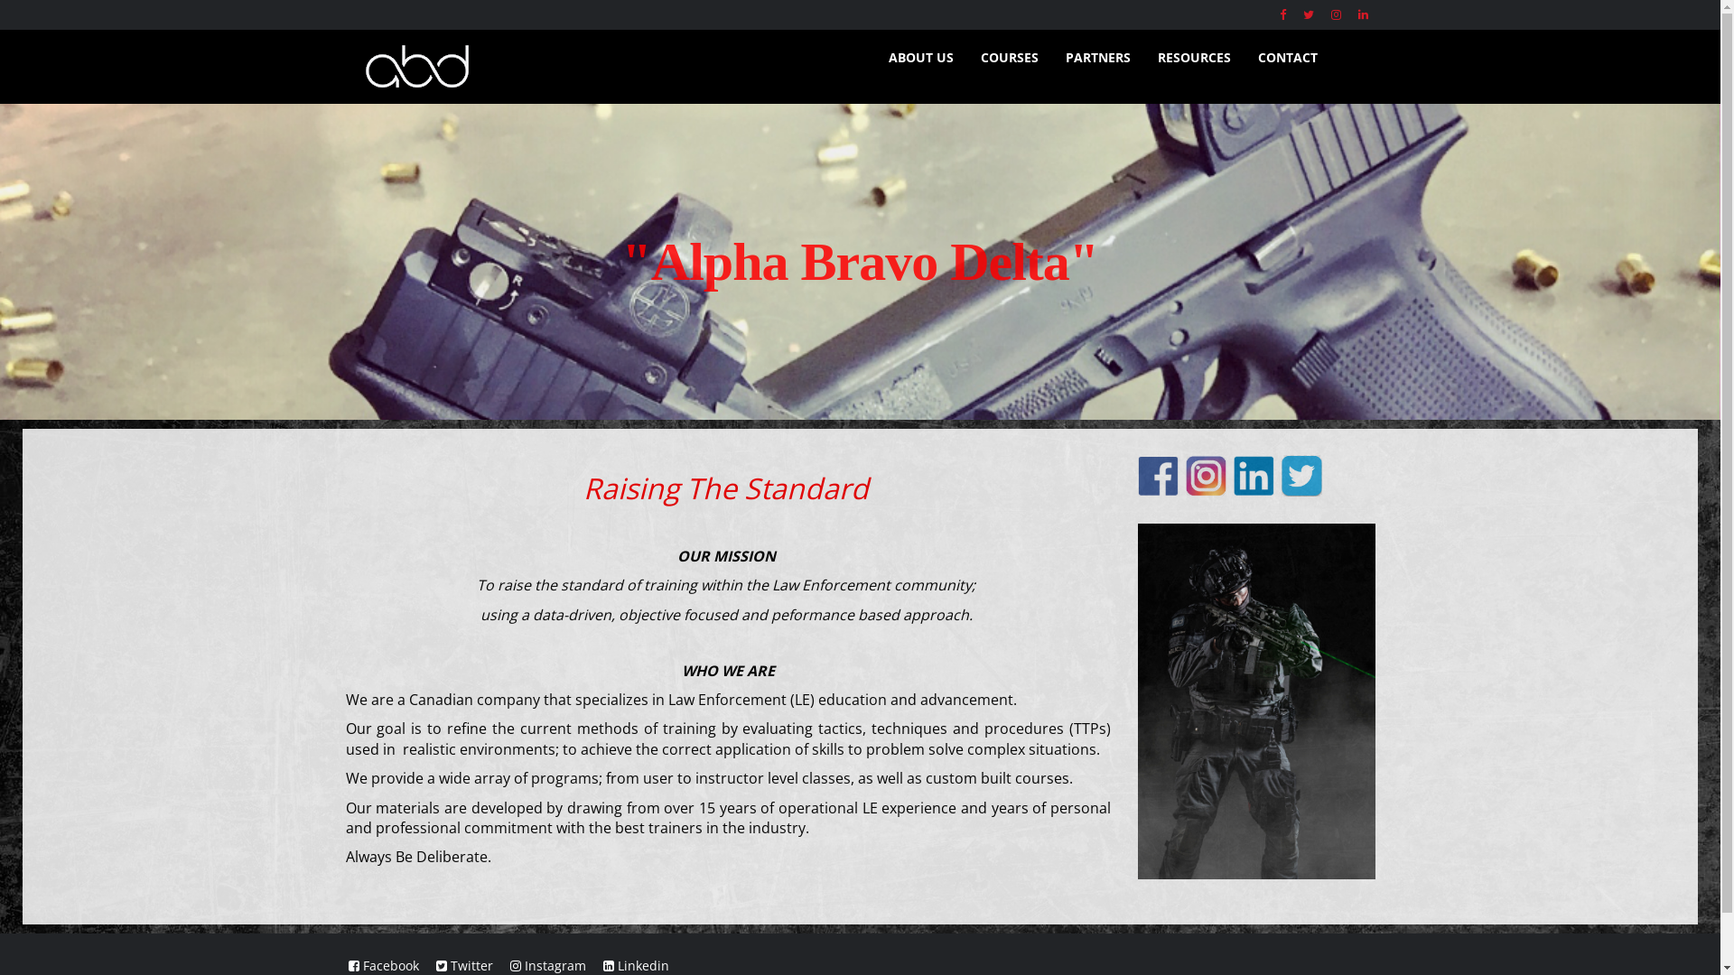 This screenshot has width=1734, height=975. I want to click on 'RESOURCES', so click(1193, 57).